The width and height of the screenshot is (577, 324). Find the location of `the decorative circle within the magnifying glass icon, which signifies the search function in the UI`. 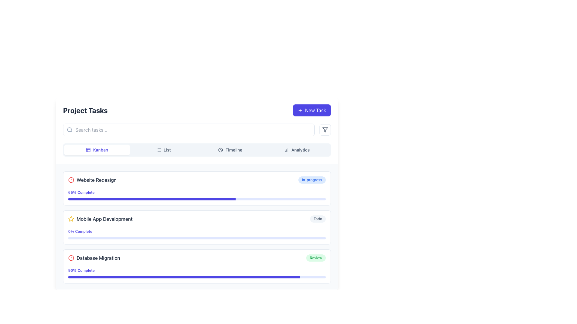

the decorative circle within the magnifying glass icon, which signifies the search function in the UI is located at coordinates (69, 129).